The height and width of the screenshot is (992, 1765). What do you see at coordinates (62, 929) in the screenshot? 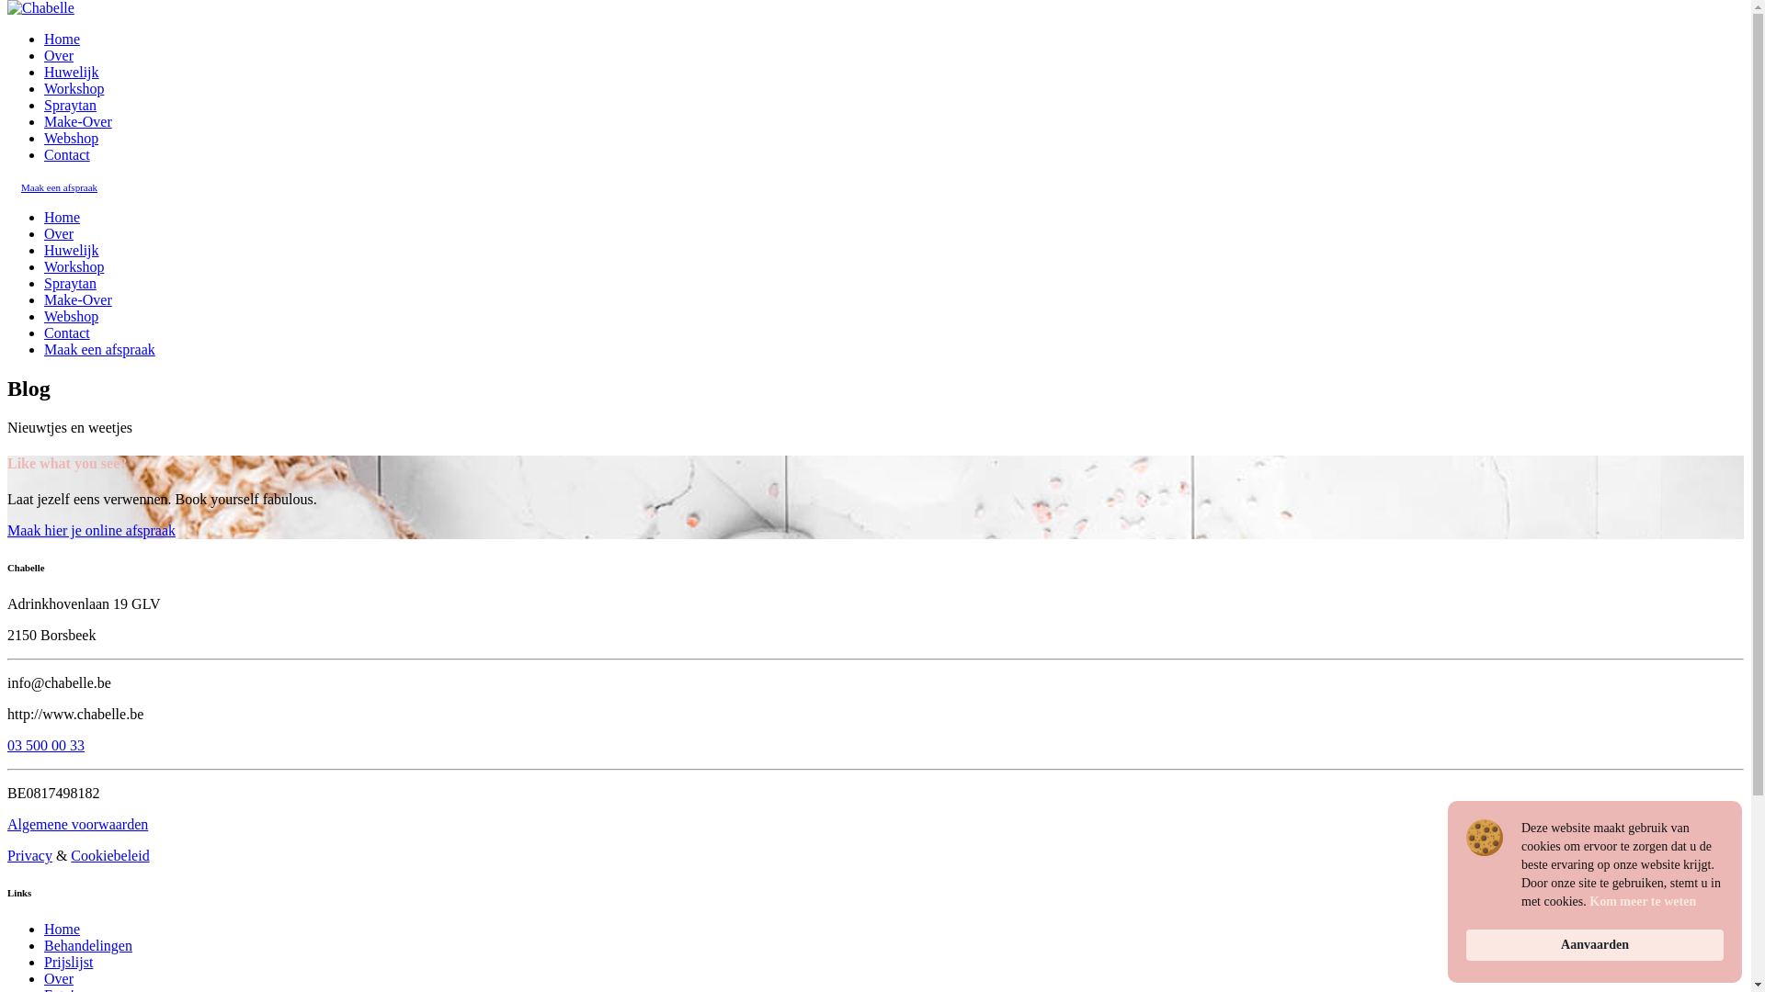
I see `'Home'` at bounding box center [62, 929].